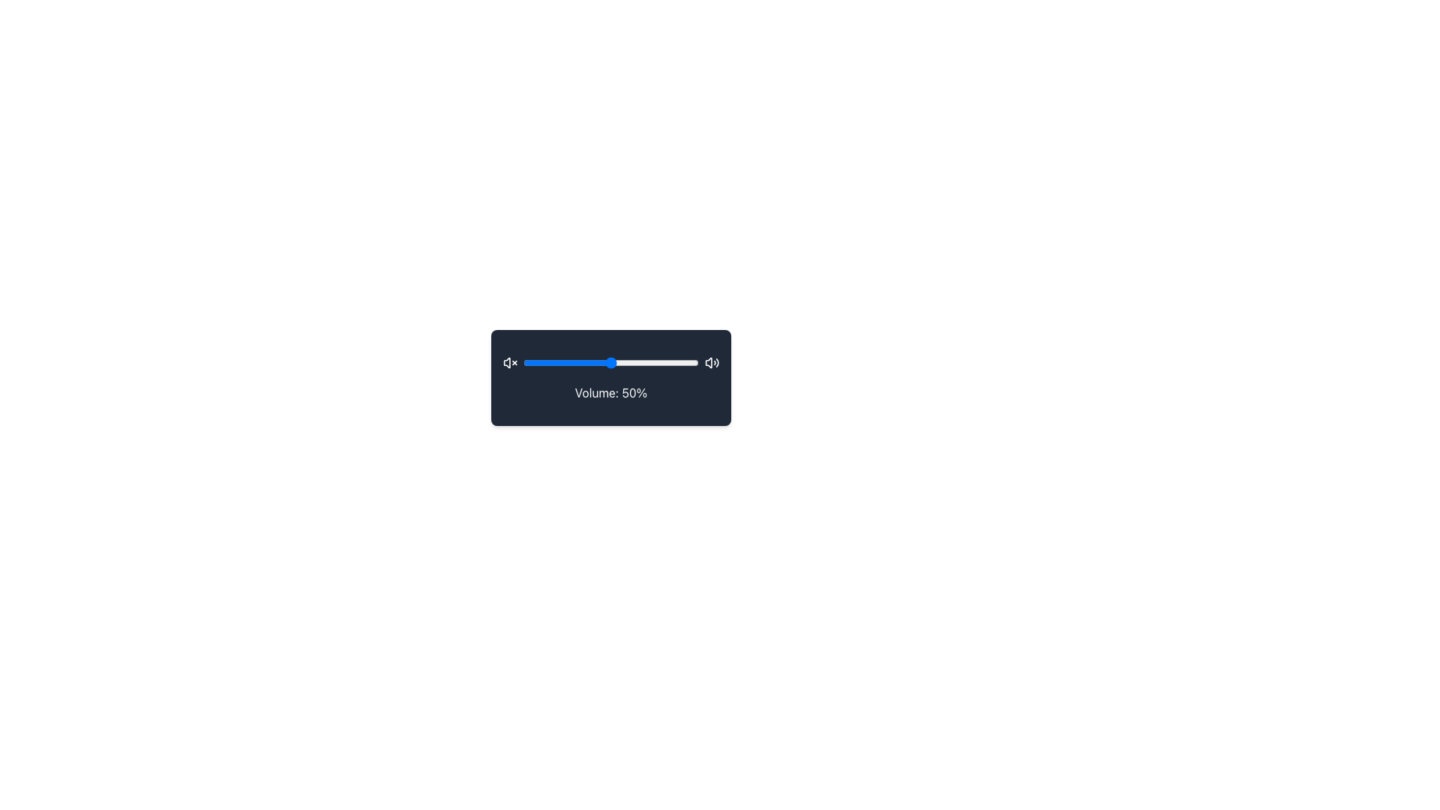  I want to click on the volume level, so click(656, 362).